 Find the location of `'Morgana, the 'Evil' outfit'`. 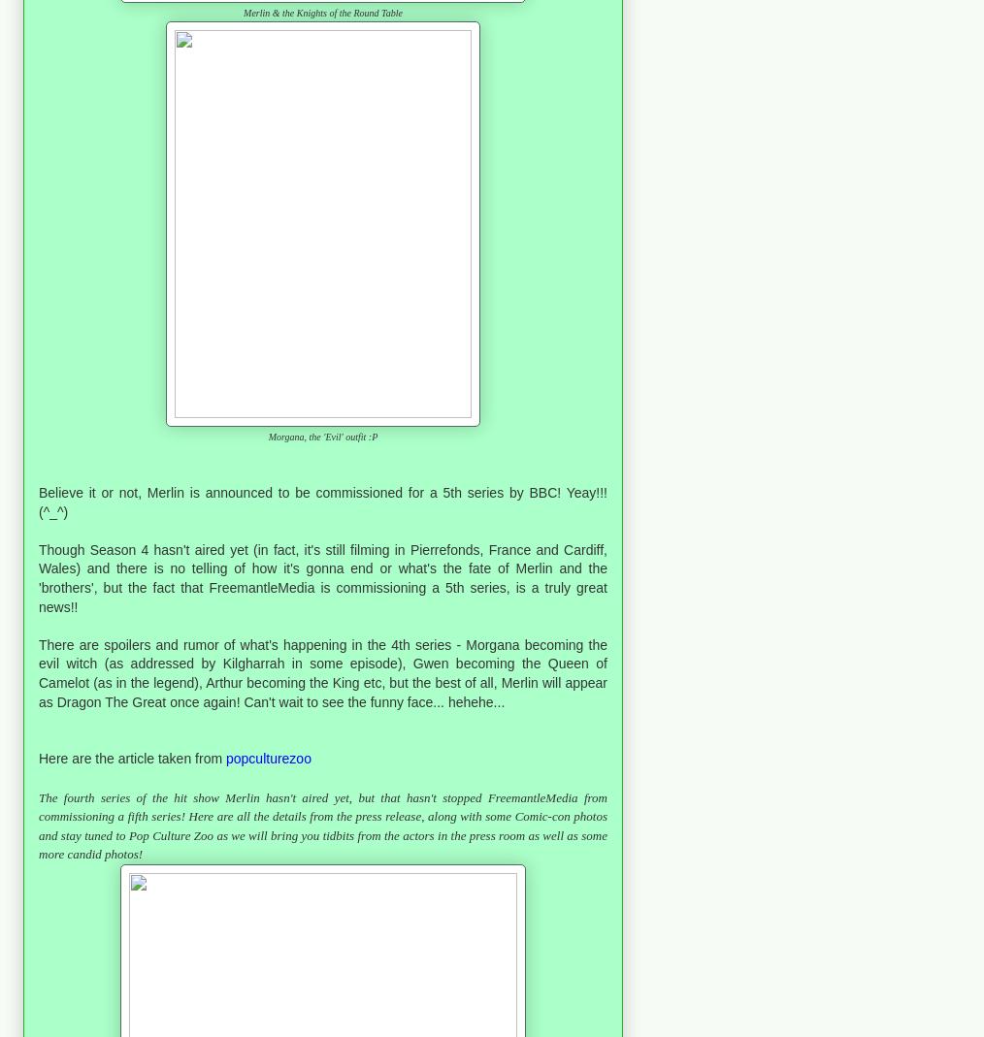

'Morgana, the 'Evil' outfit' is located at coordinates (316, 436).